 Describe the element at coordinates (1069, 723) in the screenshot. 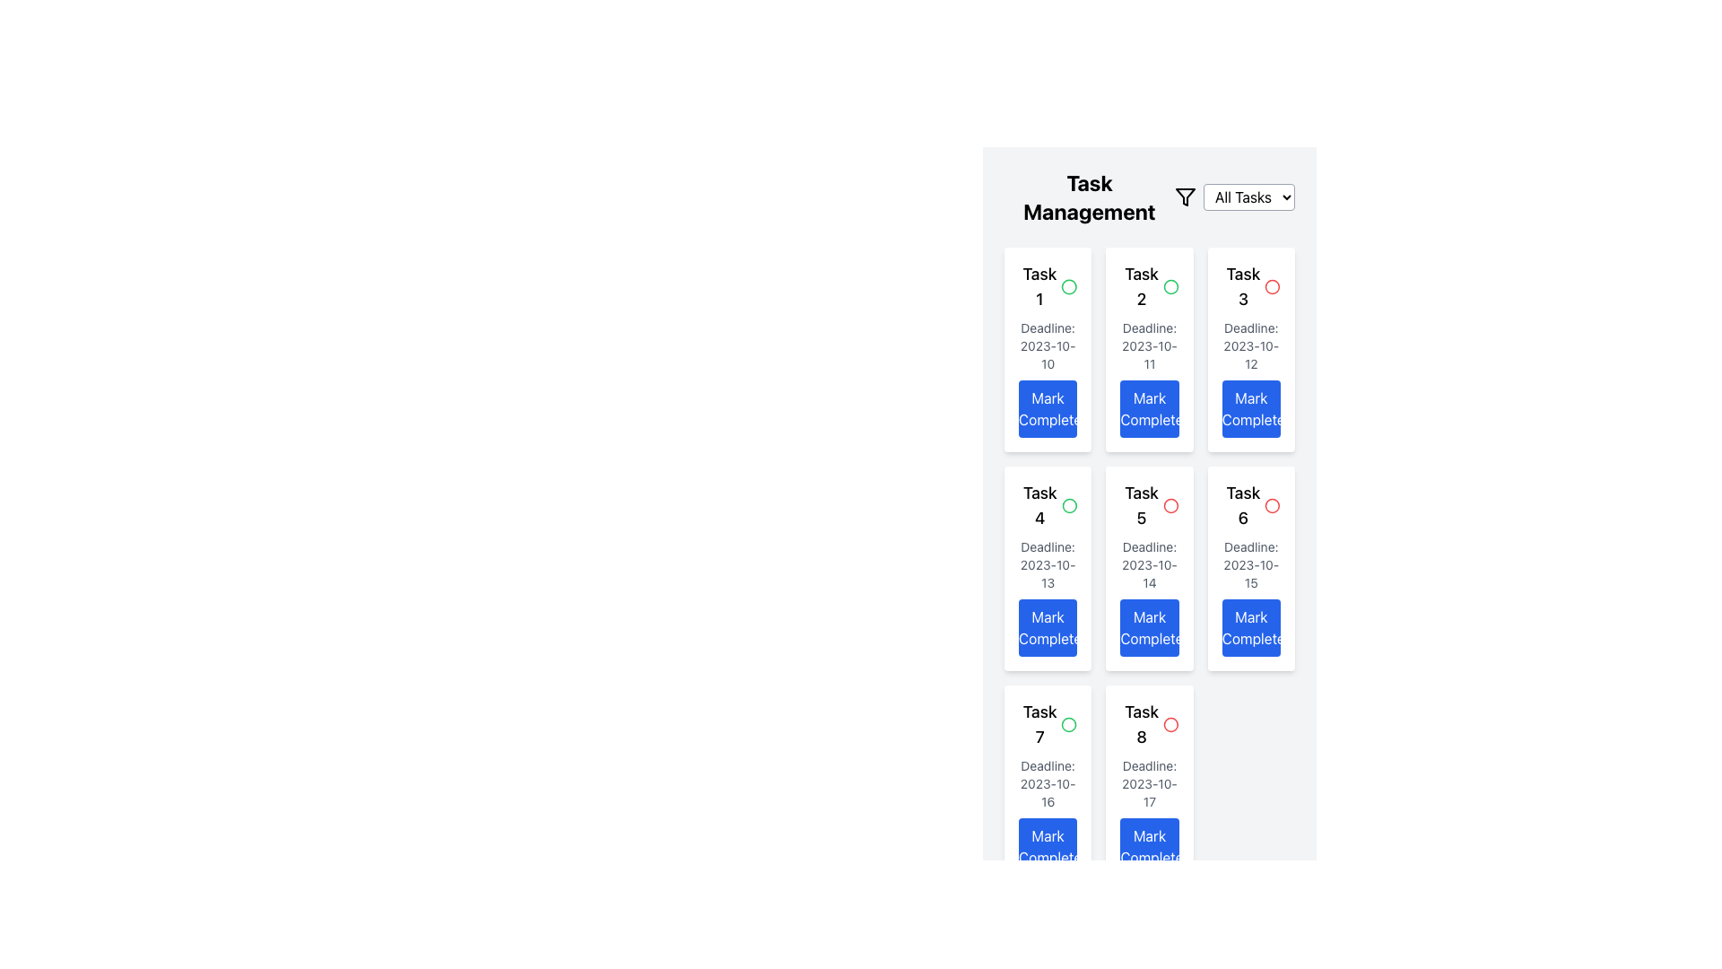

I see `the green circular SVG shape located in the second column of the grid inside the 'Task 2' card, positioned near the top right of the task title` at that location.